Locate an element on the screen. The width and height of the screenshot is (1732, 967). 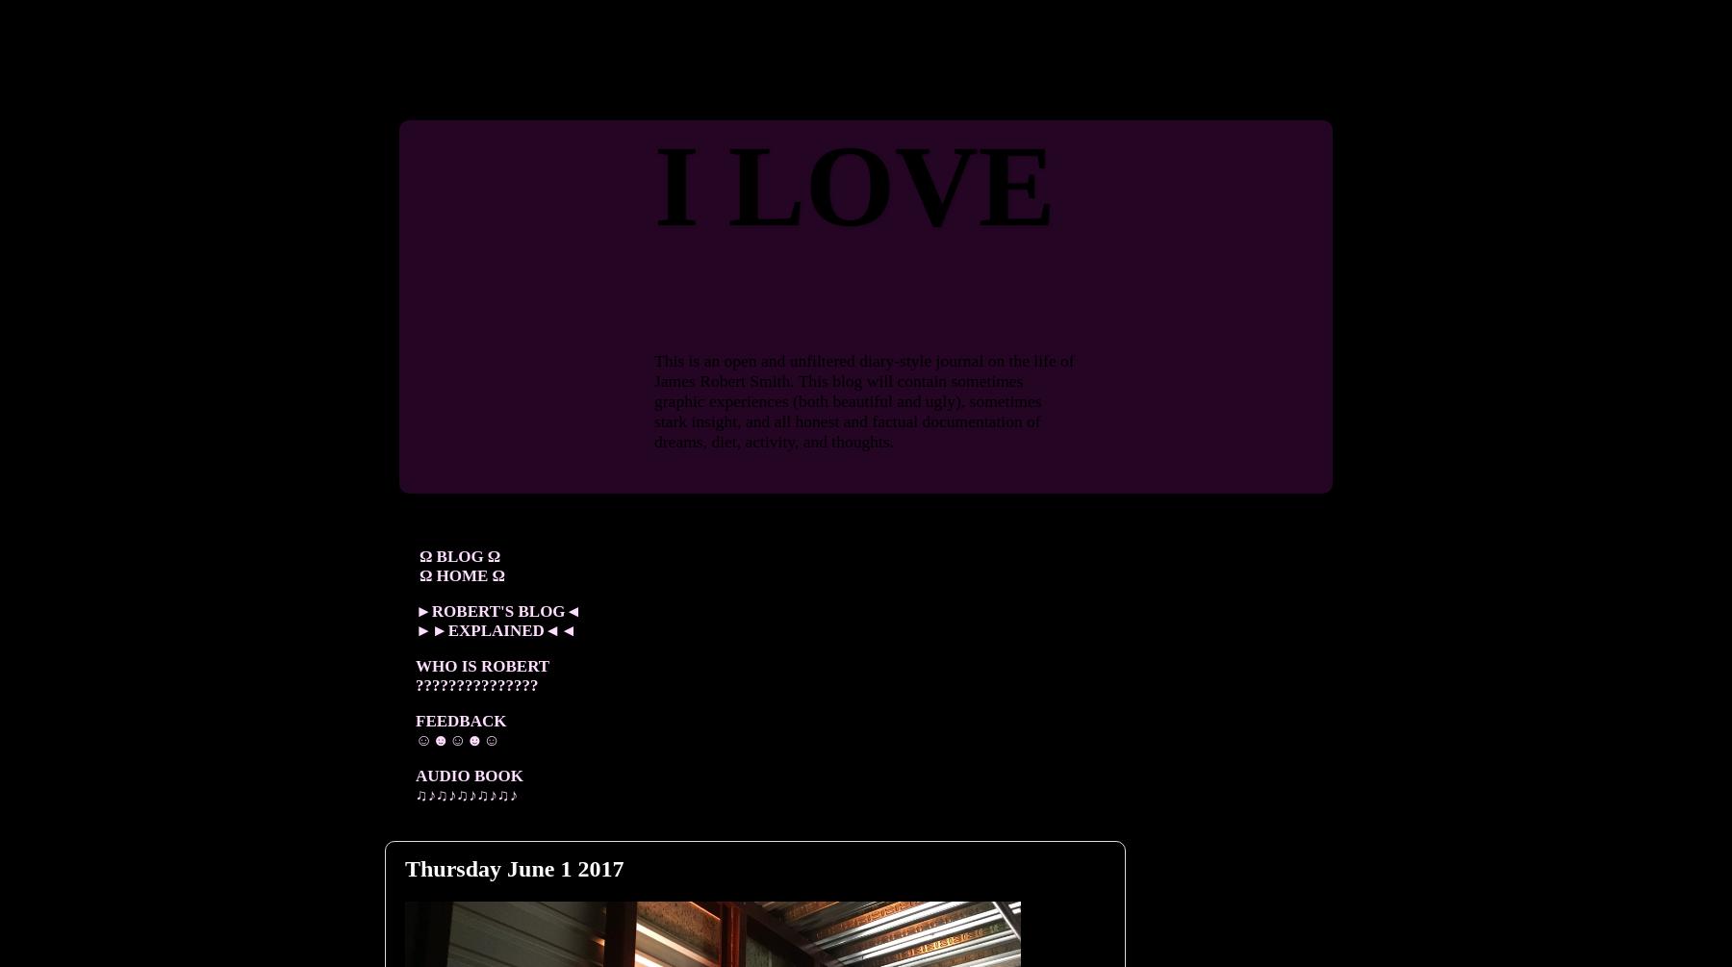
'FEEDBACK' is located at coordinates (459, 720).